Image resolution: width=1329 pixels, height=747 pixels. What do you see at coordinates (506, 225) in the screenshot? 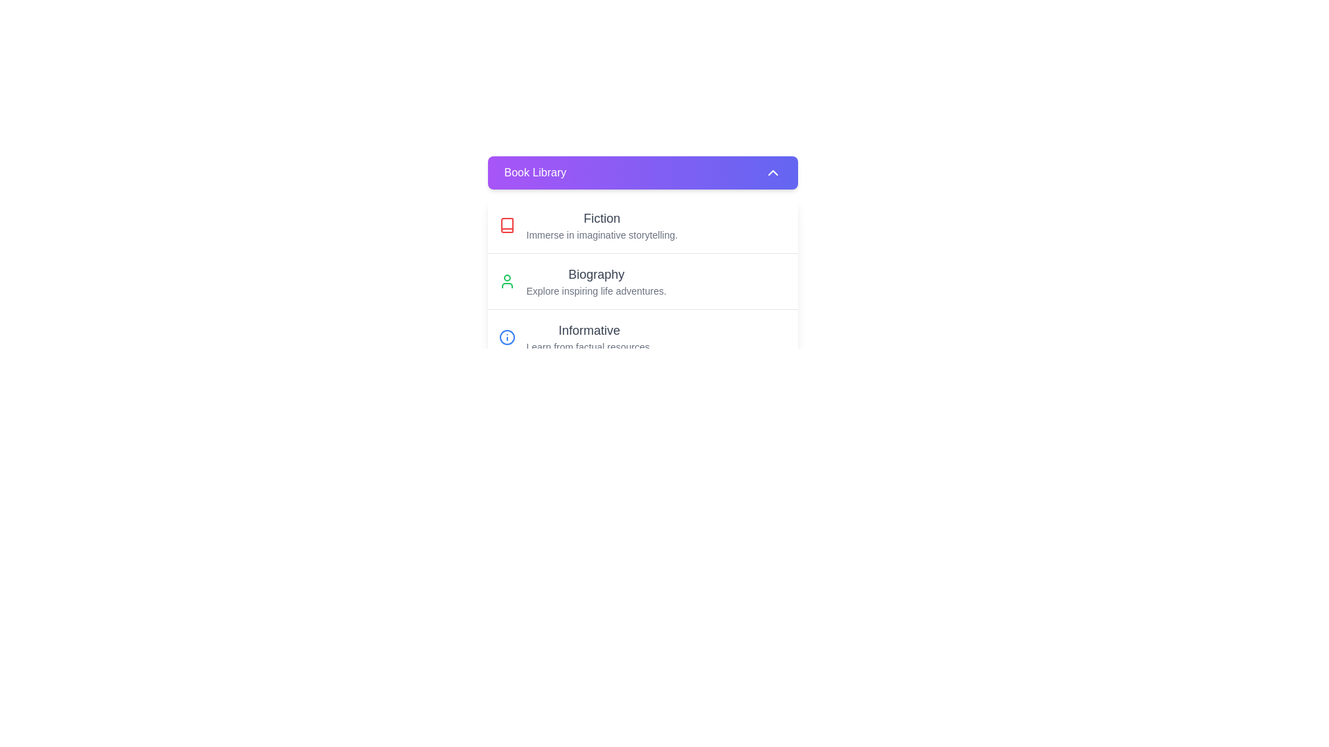
I see `the red book icon located to the left of the 'Fiction' label in the 'Book Library' interface` at bounding box center [506, 225].